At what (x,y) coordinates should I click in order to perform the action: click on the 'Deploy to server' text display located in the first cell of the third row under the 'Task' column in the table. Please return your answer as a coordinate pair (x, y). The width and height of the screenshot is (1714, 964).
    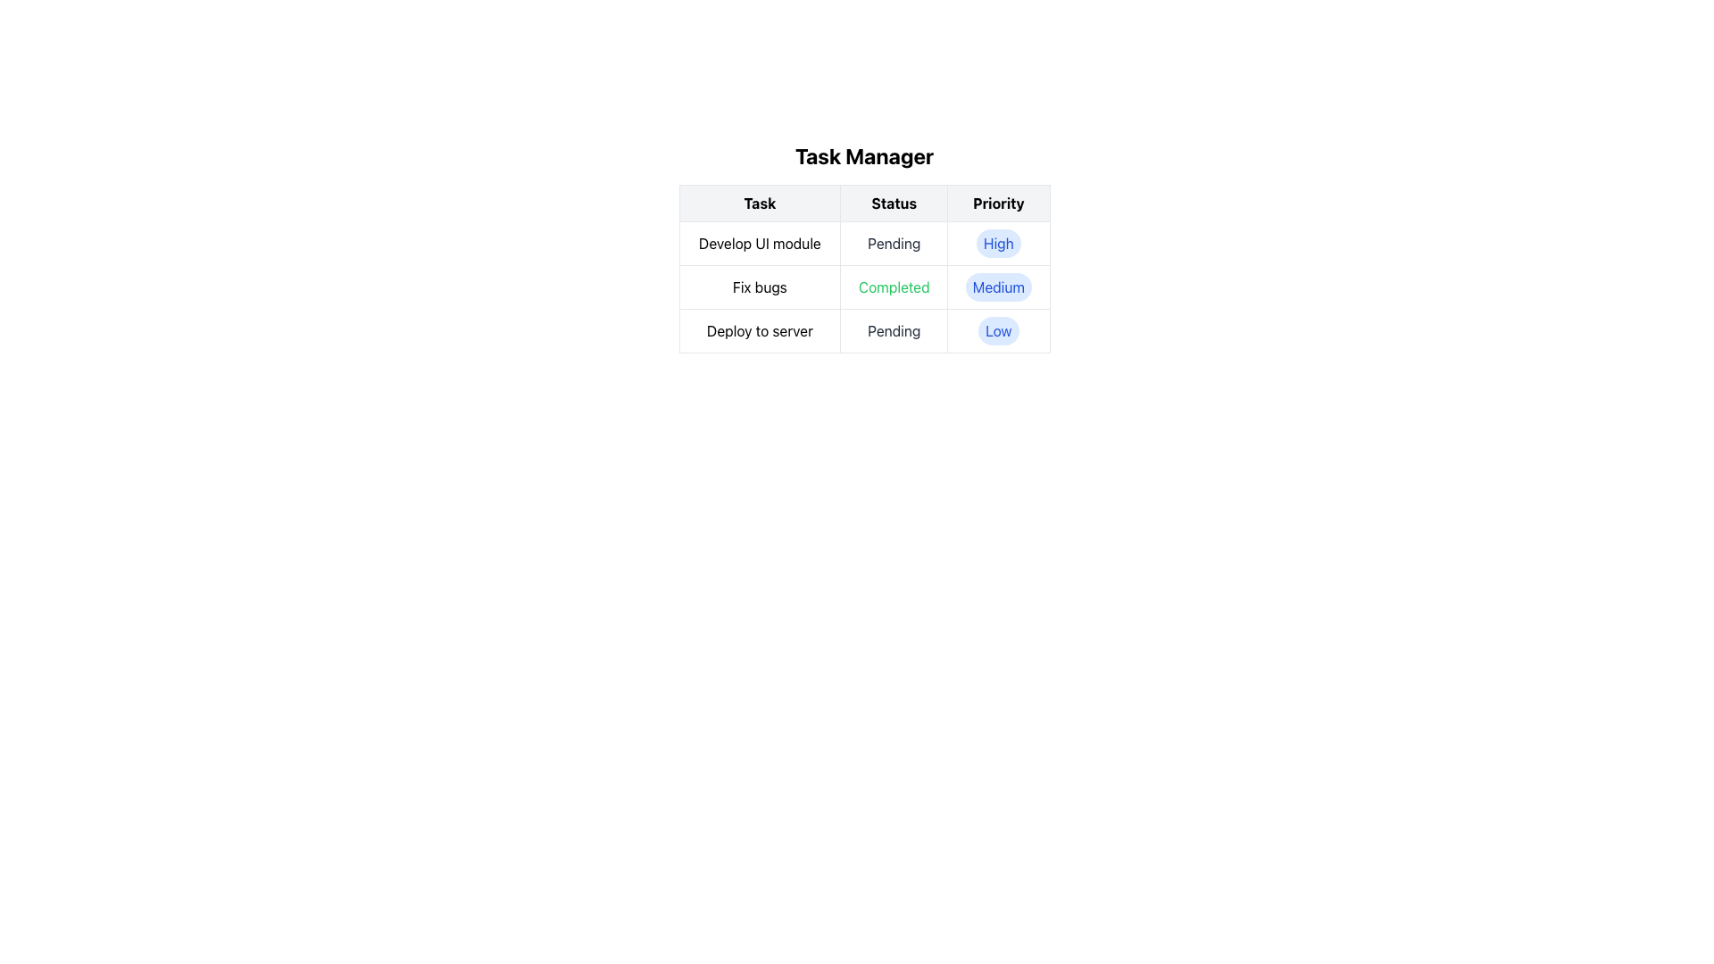
    Looking at the image, I should click on (760, 330).